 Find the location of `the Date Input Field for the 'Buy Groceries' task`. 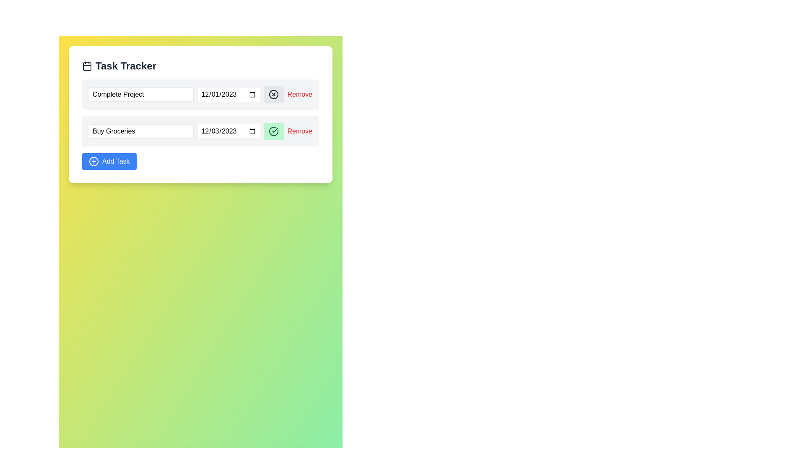

the Date Input Field for the 'Buy Groceries' task is located at coordinates (229, 131).